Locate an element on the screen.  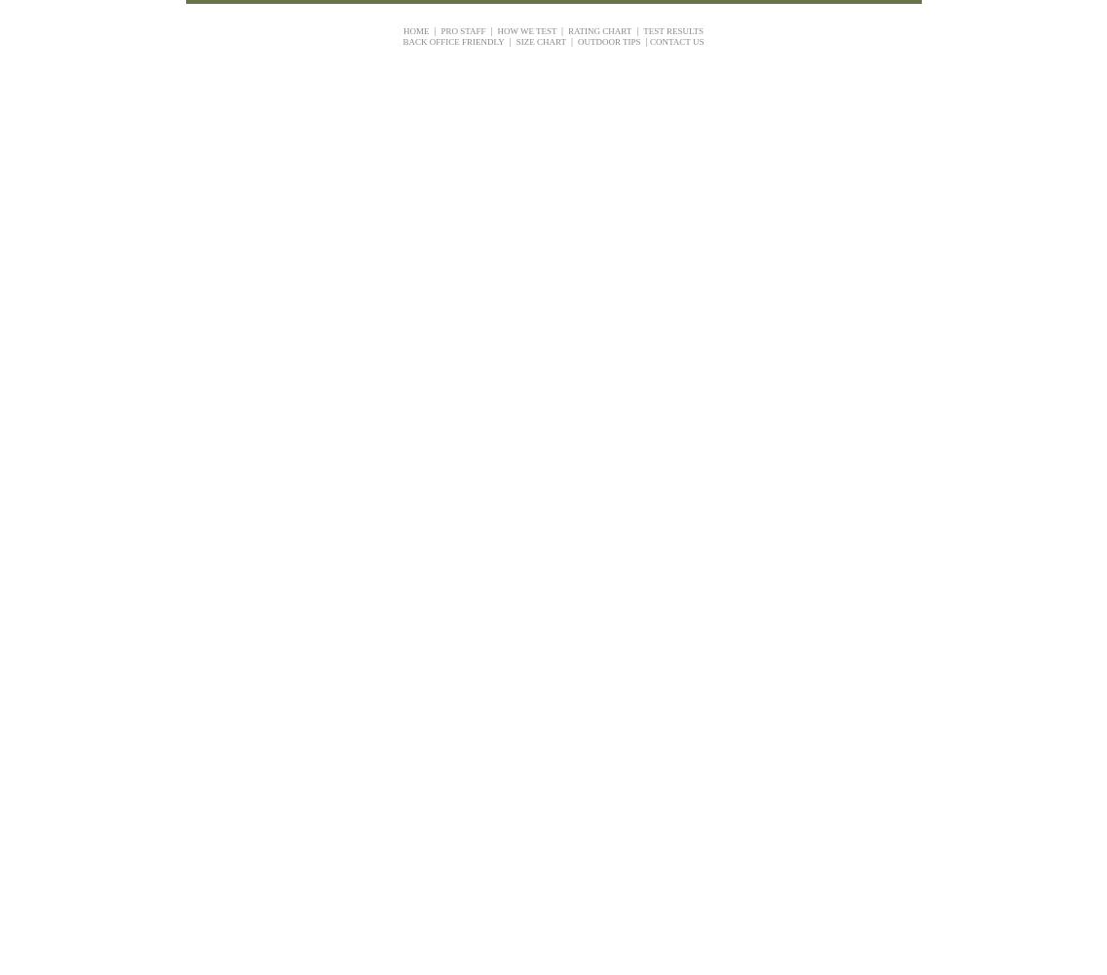
'RATING CHART' is located at coordinates (567, 30).